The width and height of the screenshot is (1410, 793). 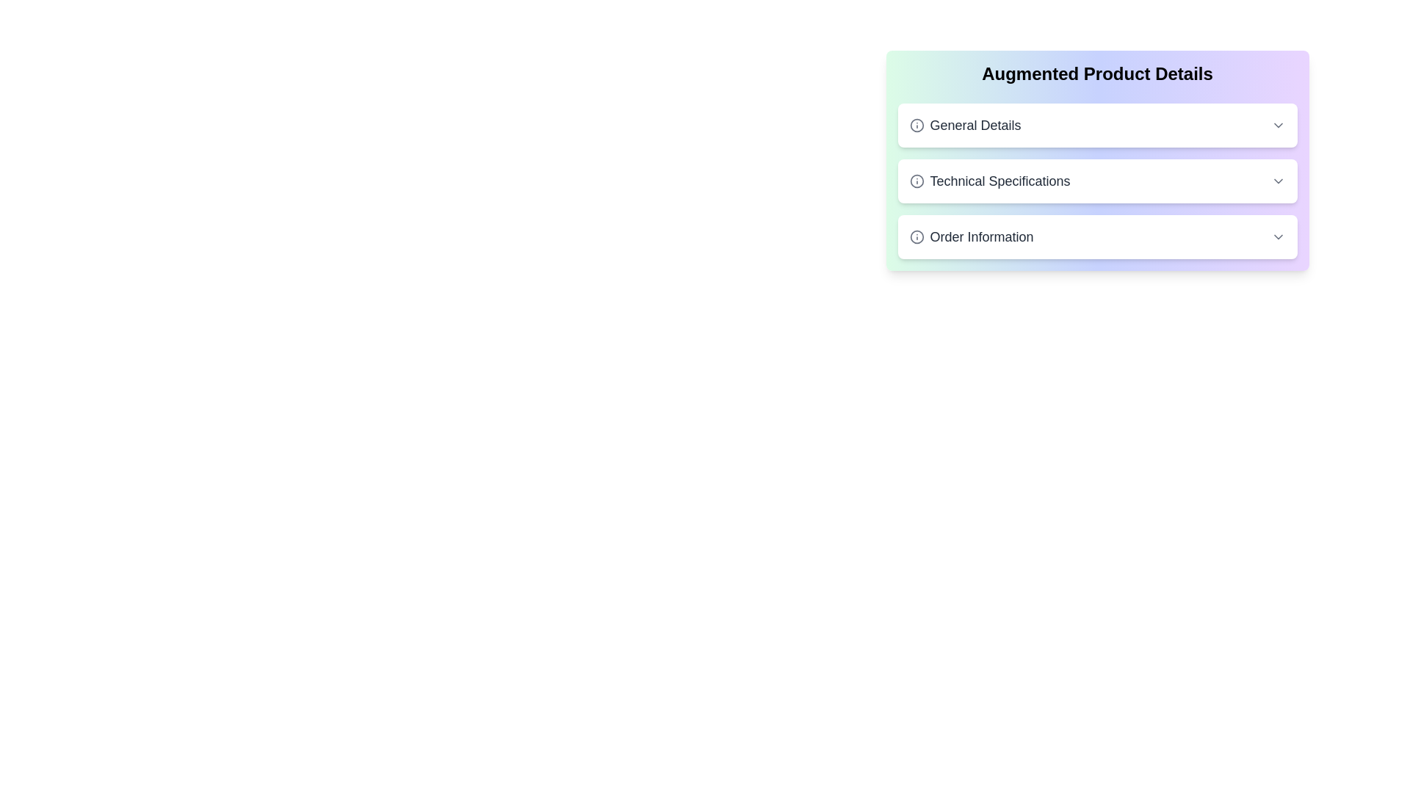 I want to click on the heading text element at the top of the card that indicates the section's purpose, so click(x=1097, y=73).